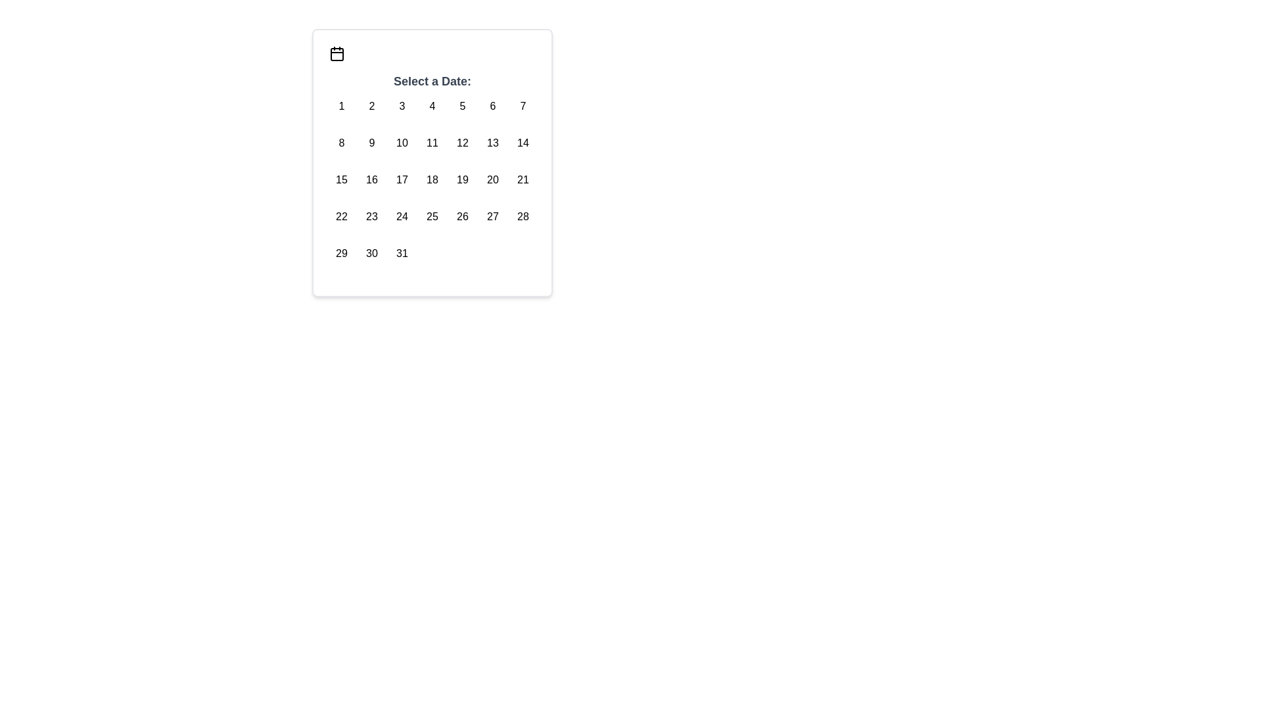 Image resolution: width=1262 pixels, height=710 pixels. What do you see at coordinates (523, 179) in the screenshot?
I see `the circular button labeled '21' located in the third row and seventh column of the grid layout` at bounding box center [523, 179].